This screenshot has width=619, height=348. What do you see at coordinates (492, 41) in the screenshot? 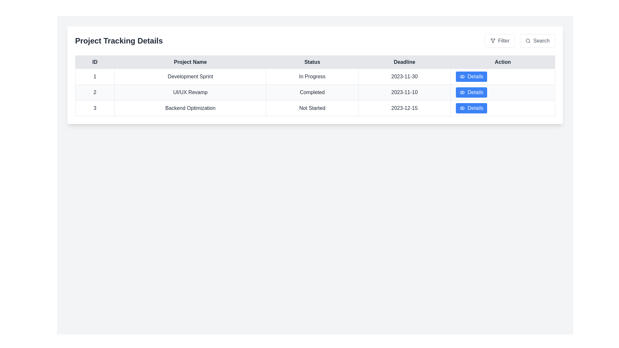
I see `the filter icon located in the top-right corner of the interface, next to the 'Search' button` at bounding box center [492, 41].